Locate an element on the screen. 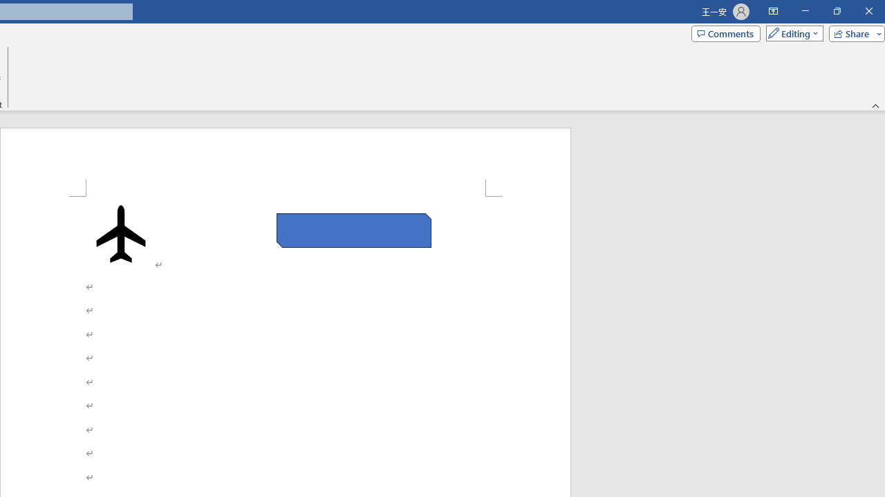 This screenshot has width=885, height=497. 'Minimize' is located at coordinates (805, 11).